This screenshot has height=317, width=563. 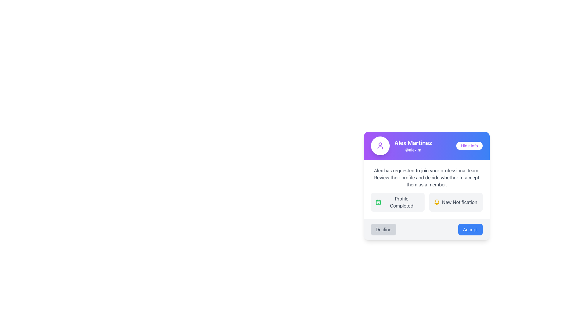 I want to click on the text element displaying 'Alex Martinez' and '@alex.m' which is located in a gradient purple-to-blue background and positioned to the left of the 'Hide Info' button, so click(x=413, y=146).